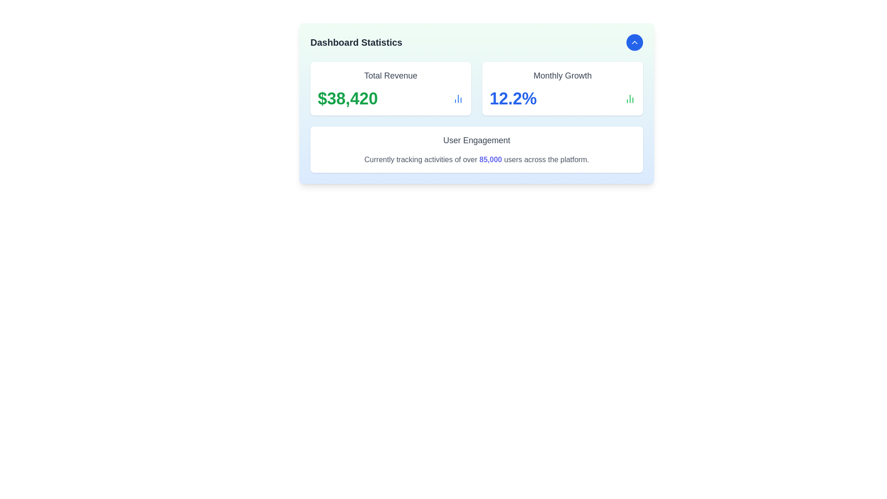 Image resolution: width=887 pixels, height=499 pixels. I want to click on title 'User Engagement' and the content 'Currently tracking activities of over 85,000 users across the platform.' from the Informational Card located in the bottom row of the grid layout, so click(477, 149).